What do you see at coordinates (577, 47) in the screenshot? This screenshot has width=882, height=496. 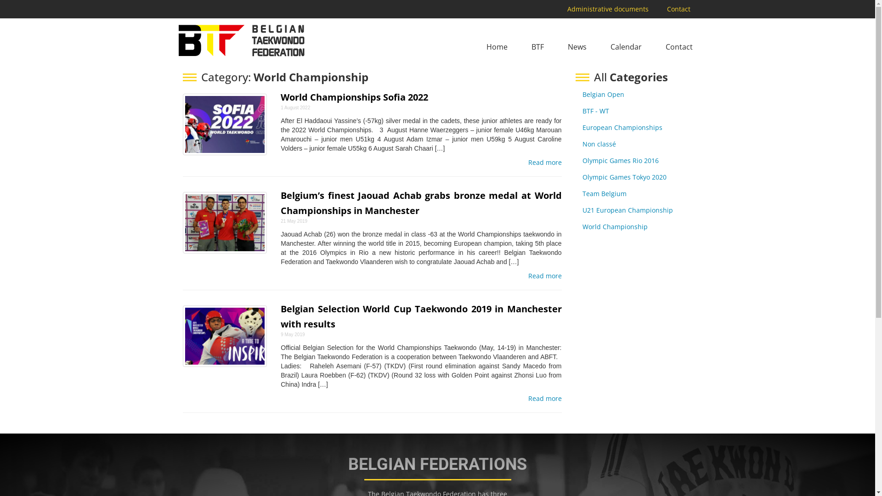 I see `'News'` at bounding box center [577, 47].